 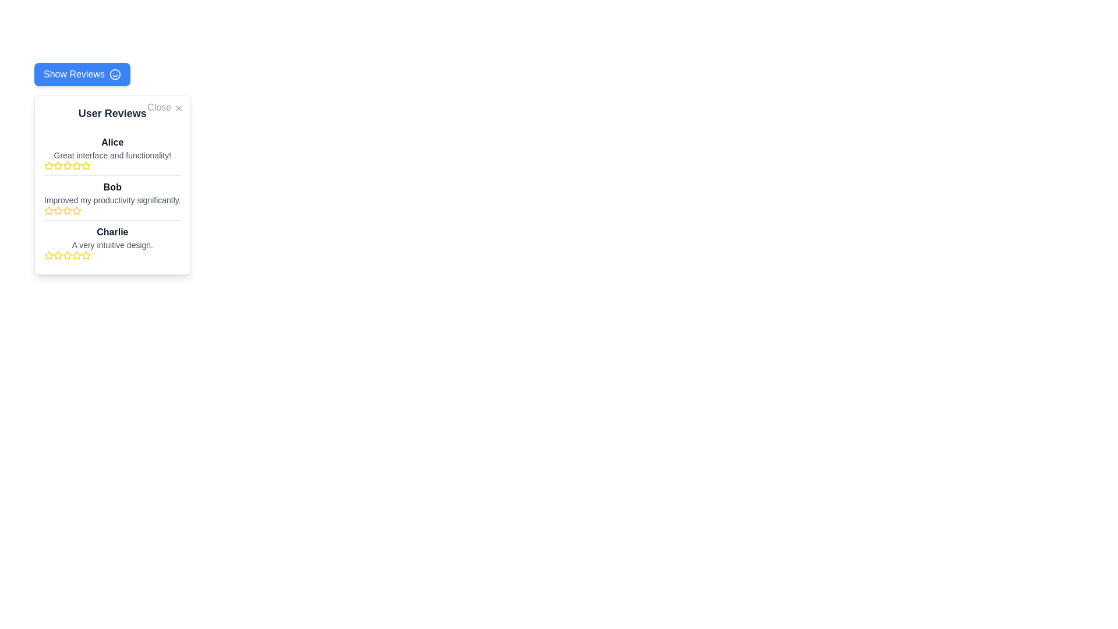 What do you see at coordinates (178, 108) in the screenshot?
I see `the 'X' cross icon with a thin gray stroke located next to the 'Close' text in the top-right corner of the 'User Reviews' card` at bounding box center [178, 108].